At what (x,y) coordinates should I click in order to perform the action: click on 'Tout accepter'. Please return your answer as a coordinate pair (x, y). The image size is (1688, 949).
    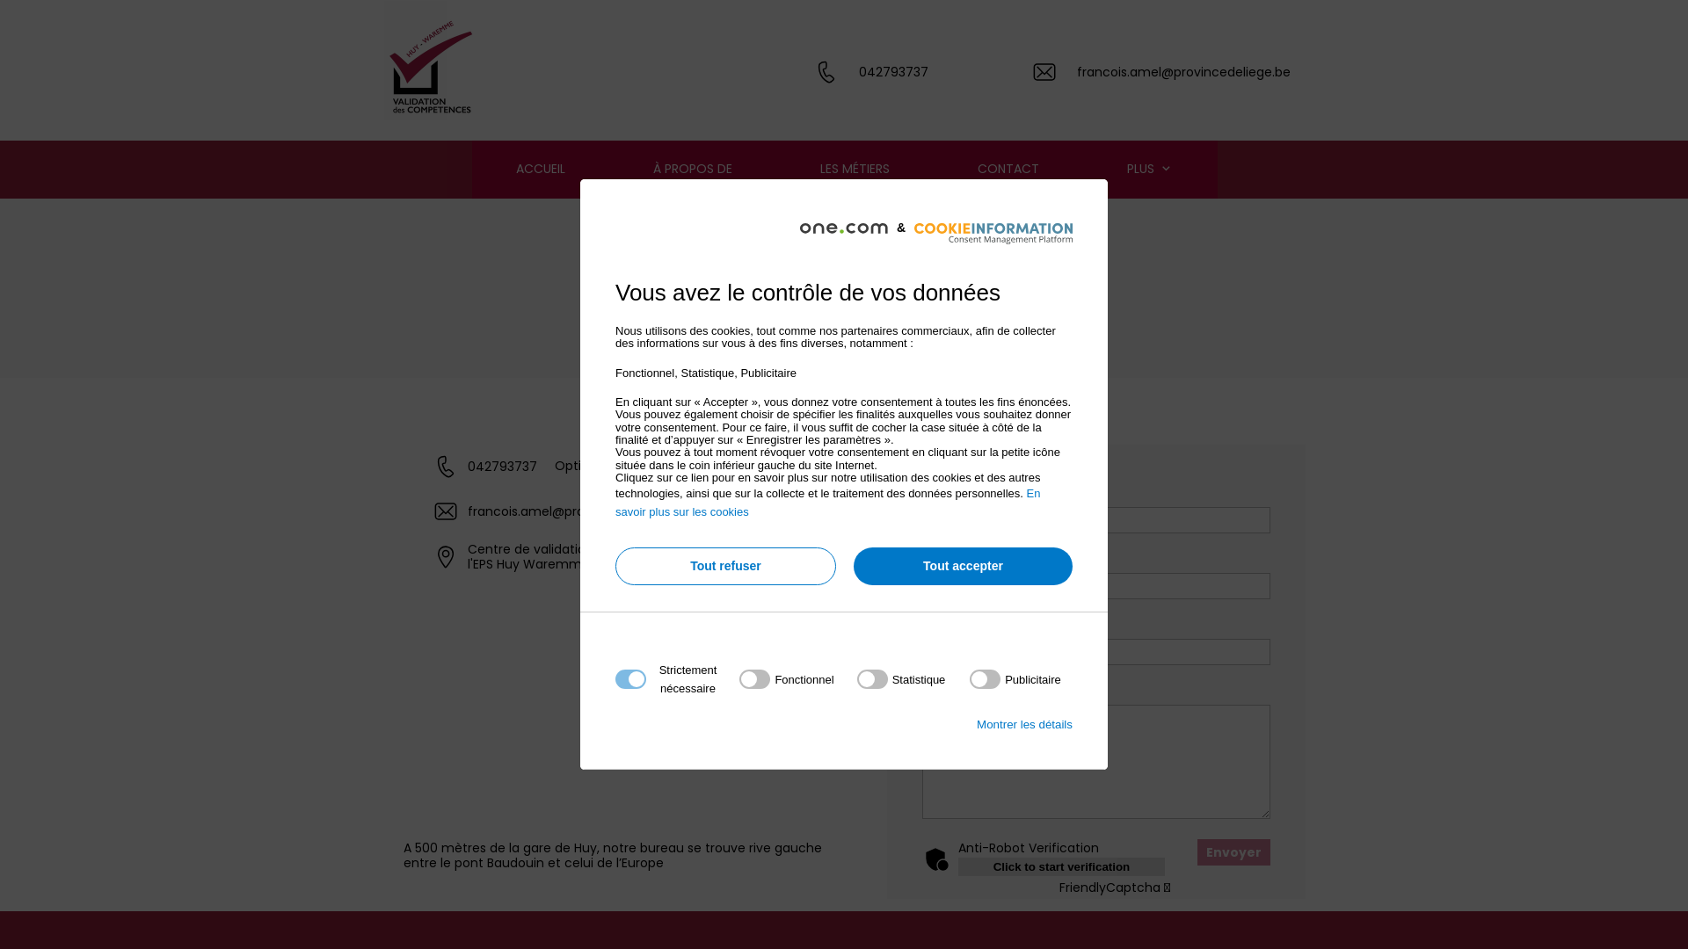
    Looking at the image, I should click on (962, 566).